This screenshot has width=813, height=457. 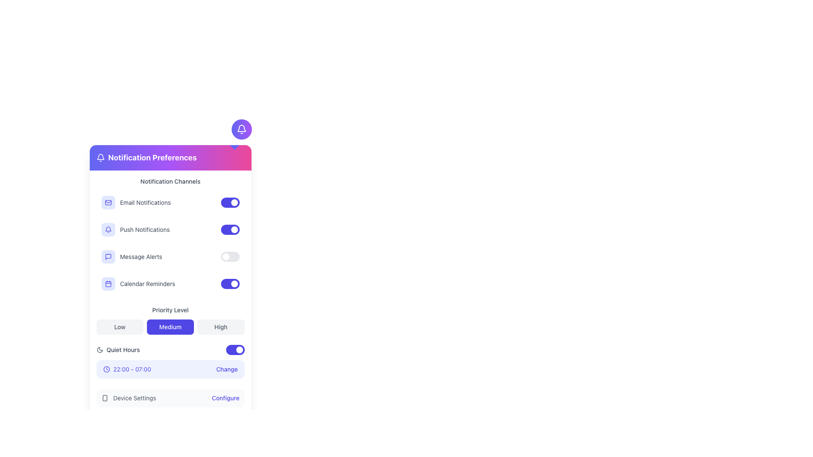 I want to click on the highlighted 'Medium' button in the 'Priority Level' segmented control, so click(x=170, y=320).